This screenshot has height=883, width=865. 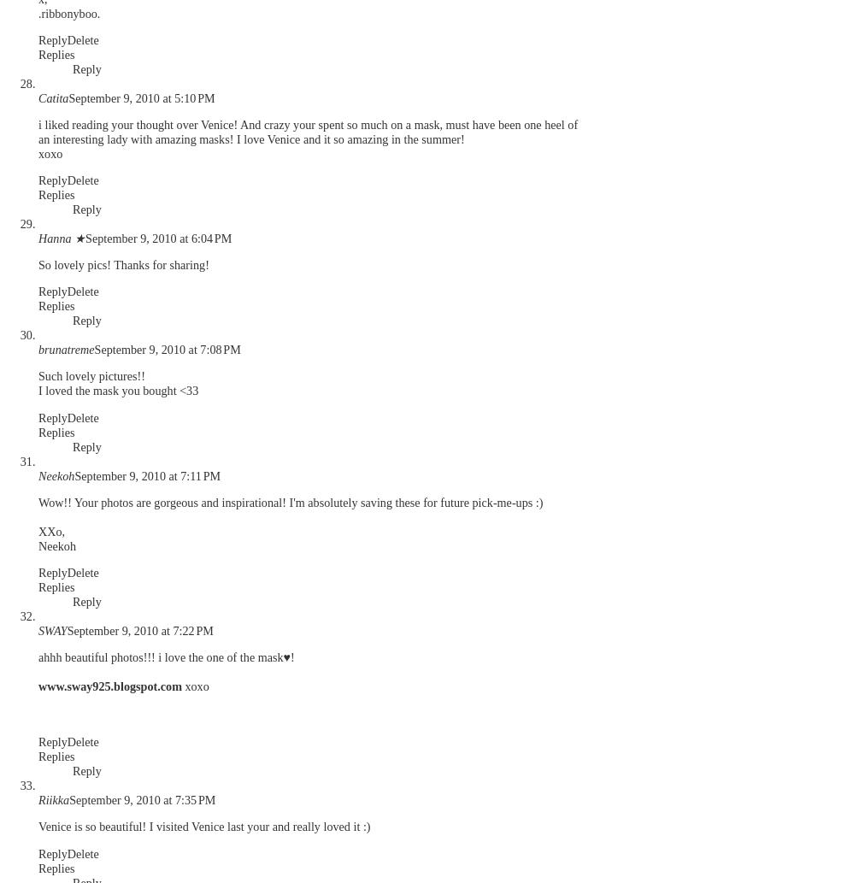 I want to click on 'Such lovely pictures!!', so click(x=91, y=375).